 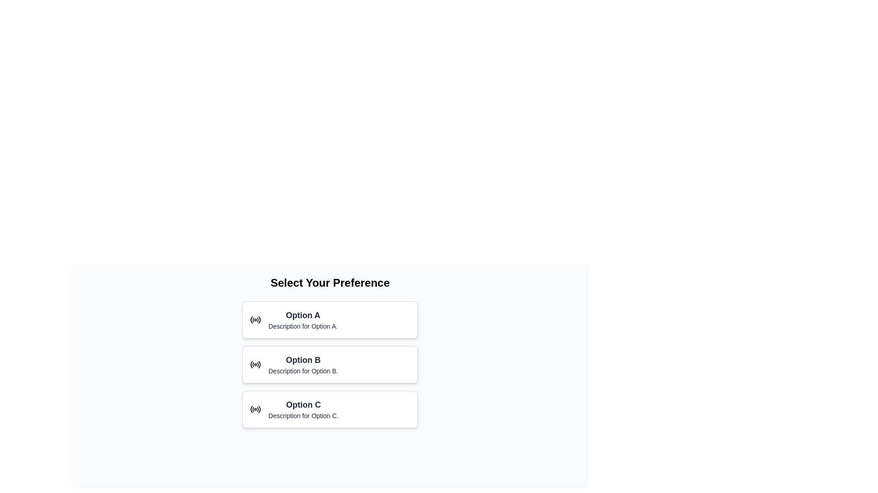 What do you see at coordinates (329, 409) in the screenshot?
I see `the 'Option C' radio selection card, which is the third option in a vertical list of selection cards` at bounding box center [329, 409].